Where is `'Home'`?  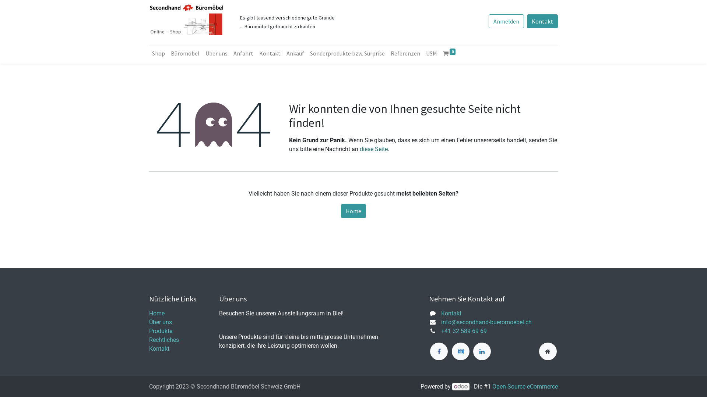 'Home' is located at coordinates (353, 211).